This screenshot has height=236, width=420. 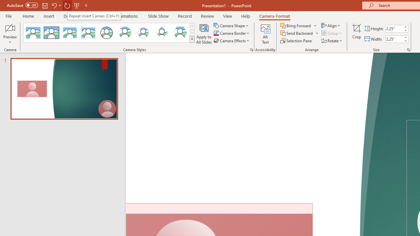 I want to click on 'Row up', so click(x=192, y=26).